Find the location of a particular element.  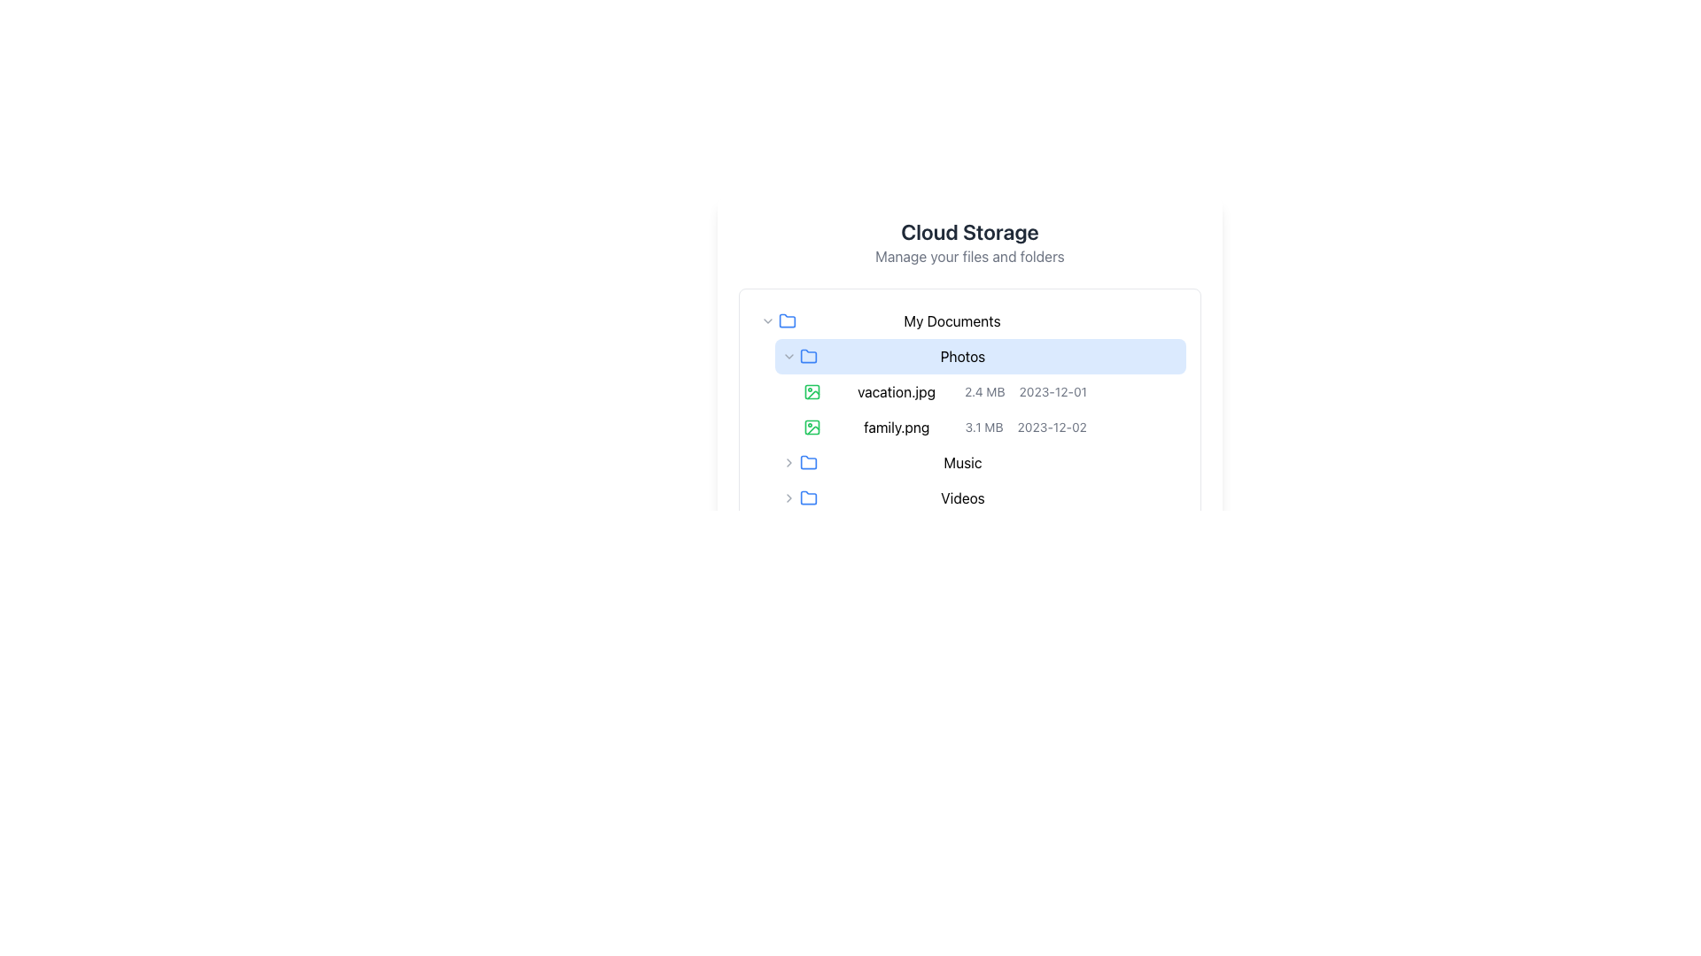

the file detail entry displaying 'vacation.jpg' with size '2.4 MB' and creation date '2023-12-01', which is the top-most entry is located at coordinates (968, 391).